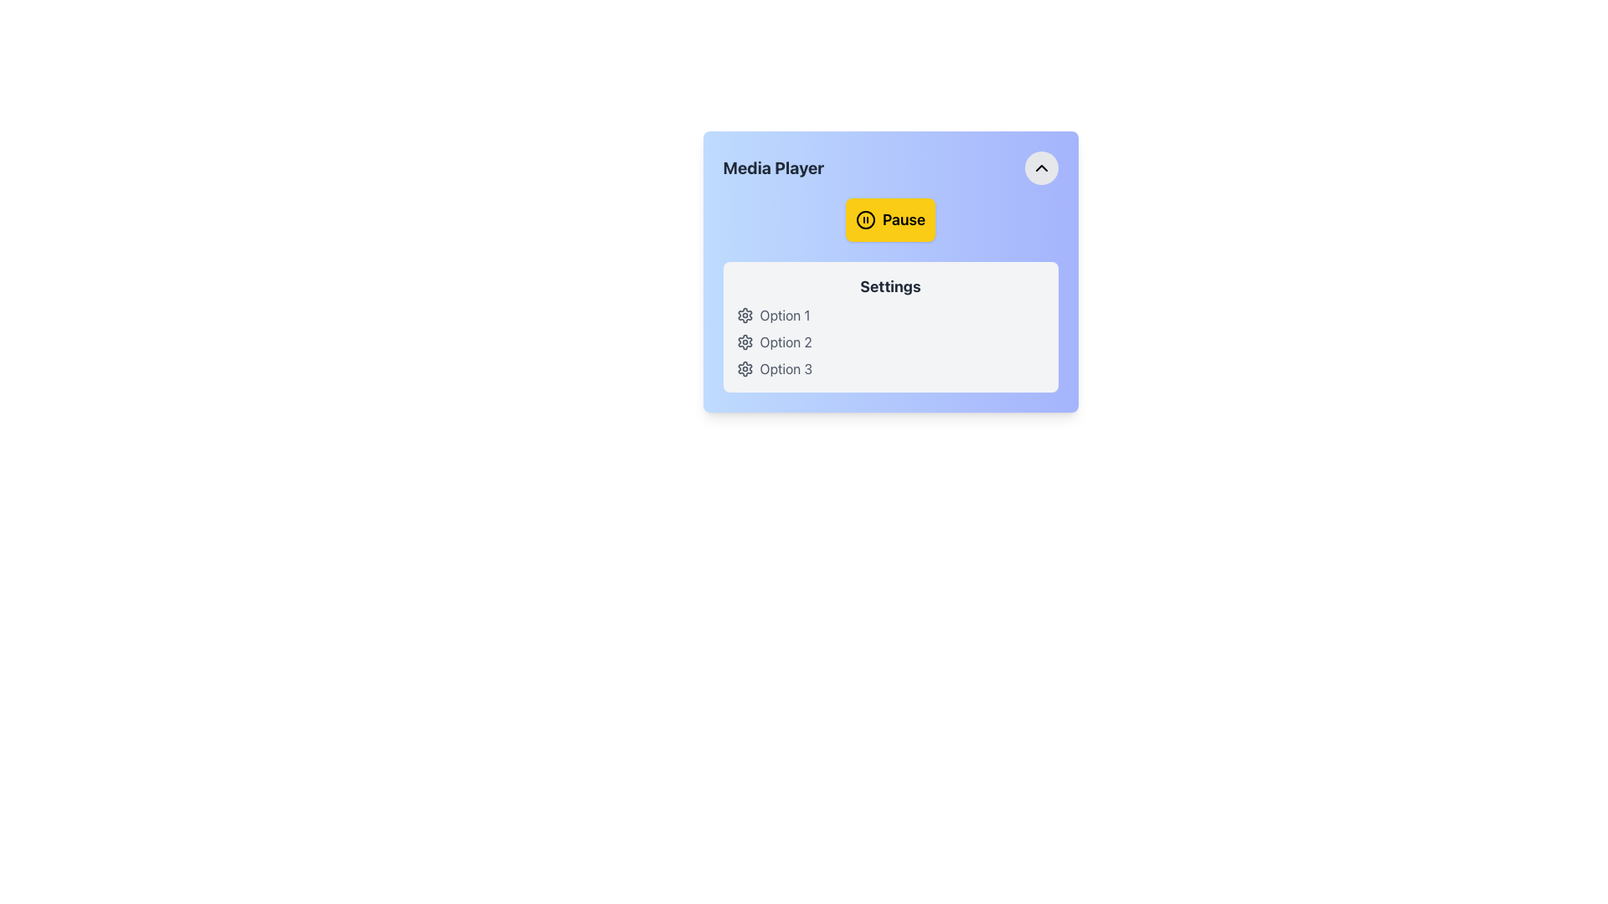 This screenshot has width=1608, height=904. I want to click on the selectable list item labeled 'Option 2', so click(889, 341).